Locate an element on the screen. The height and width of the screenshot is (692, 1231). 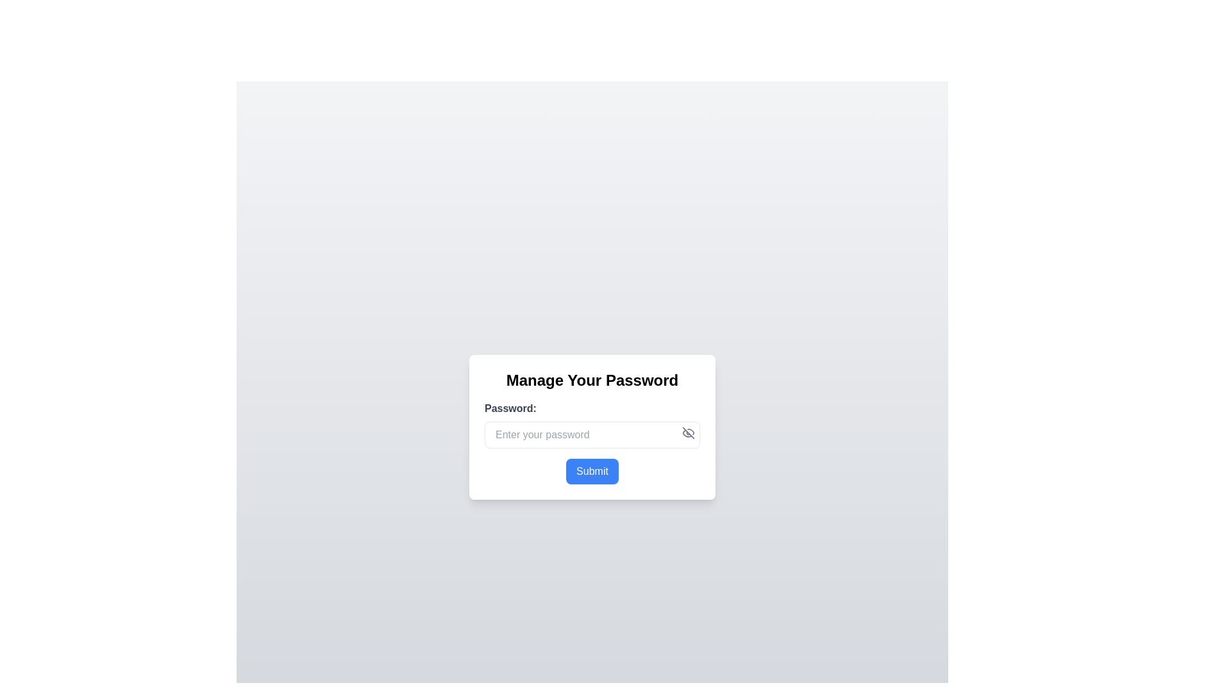
the 'eye-off' icon, which features a diagonal line crossing an eye, indicating that the view is disabled, located near the password input field is located at coordinates (688, 432).